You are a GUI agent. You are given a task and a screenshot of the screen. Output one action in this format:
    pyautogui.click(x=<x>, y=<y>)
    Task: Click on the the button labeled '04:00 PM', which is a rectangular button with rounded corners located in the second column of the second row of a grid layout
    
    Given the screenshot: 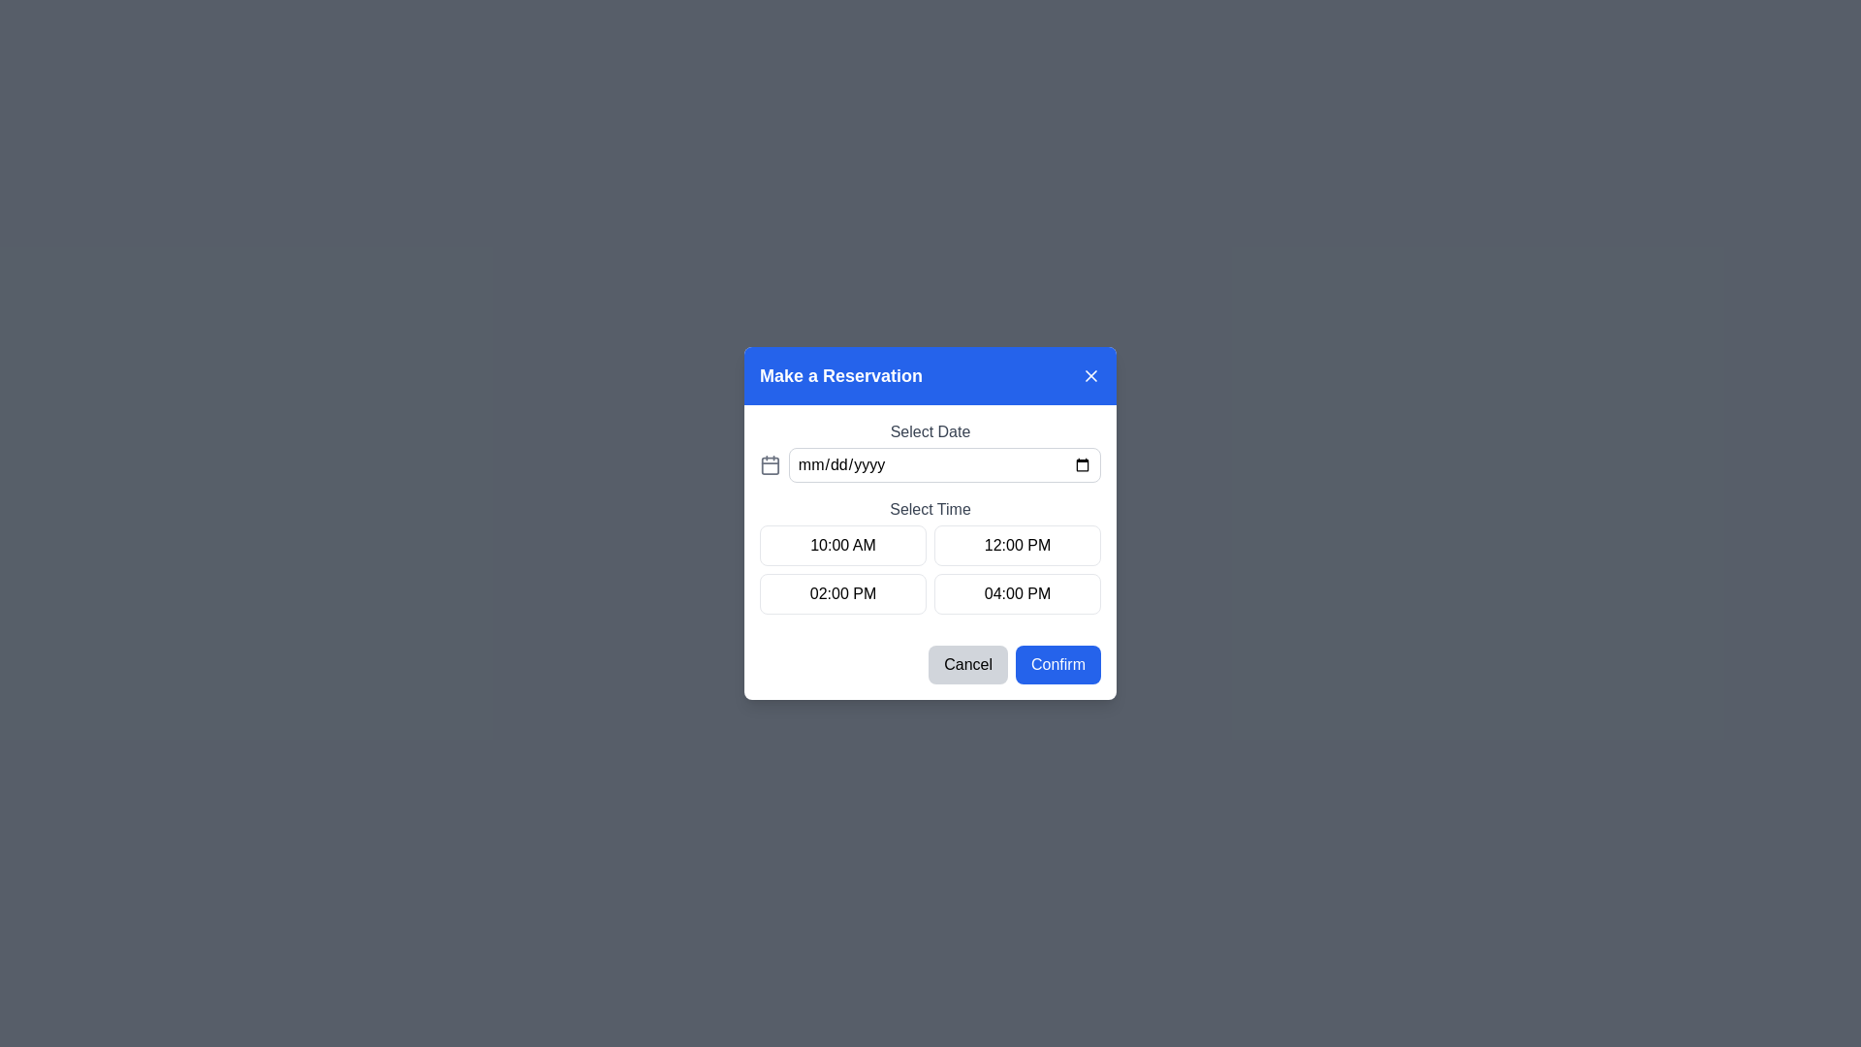 What is the action you would take?
    pyautogui.click(x=1017, y=593)
    